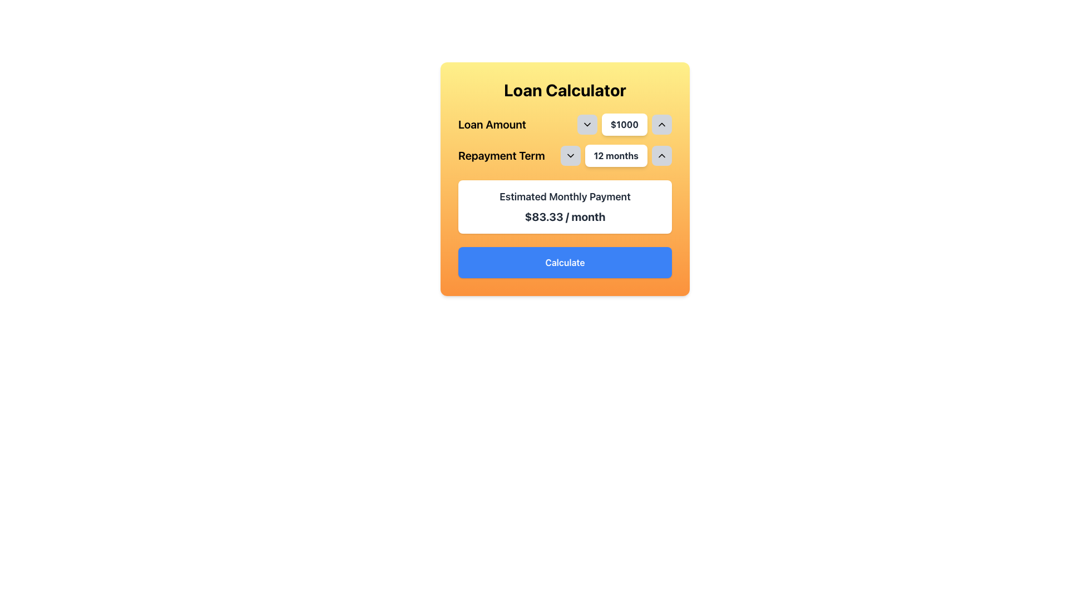 This screenshot has height=601, width=1068. I want to click on the interactive button located to the right of the '12 months' text in the 'Repayment Term' line, so click(662, 156).